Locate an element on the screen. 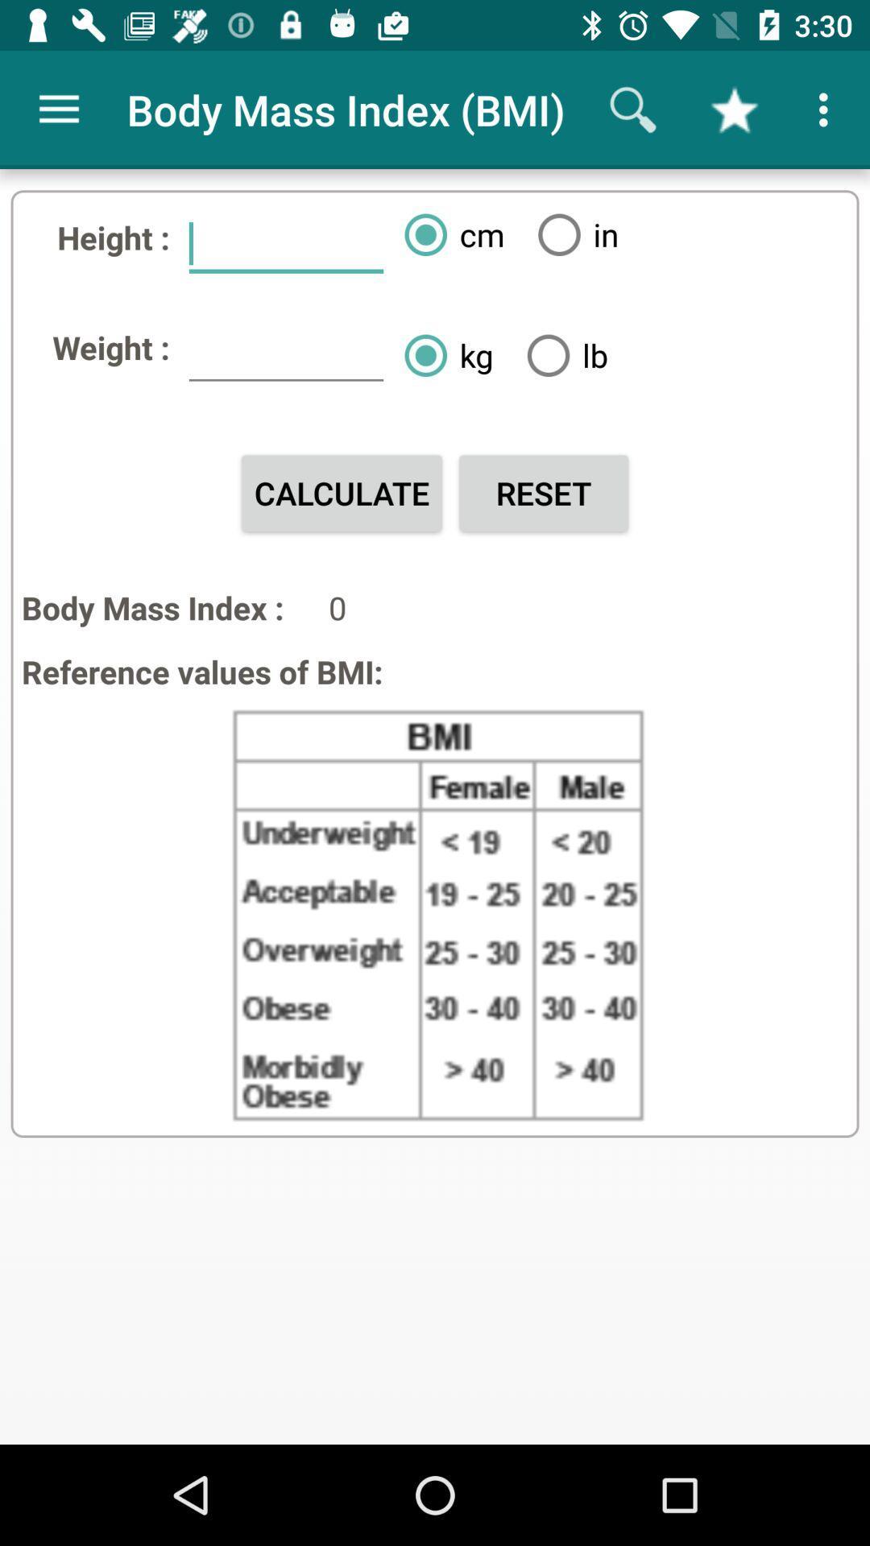  app to the left of the body mass index app is located at coordinates (58, 109).